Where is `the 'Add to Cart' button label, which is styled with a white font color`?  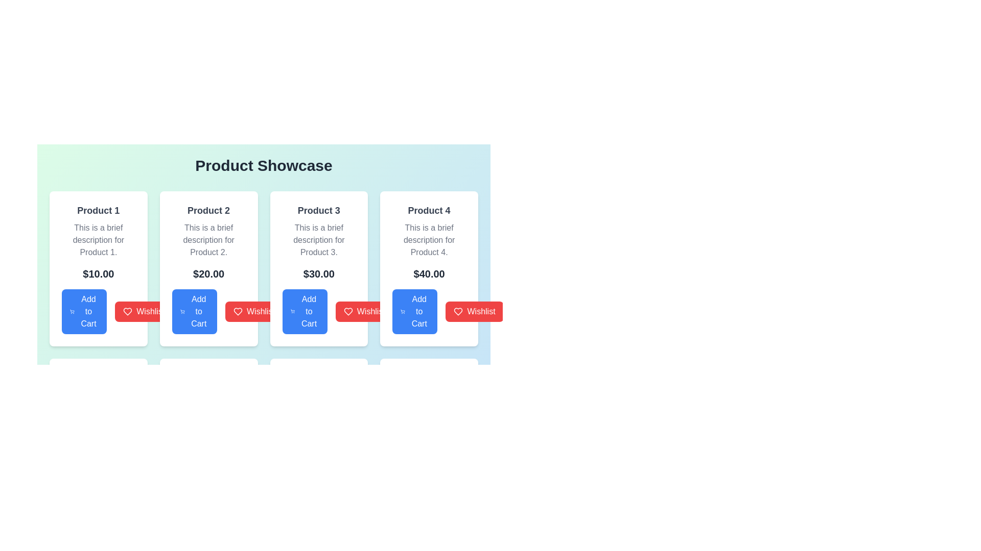 the 'Add to Cart' button label, which is styled with a white font color is located at coordinates (199, 311).